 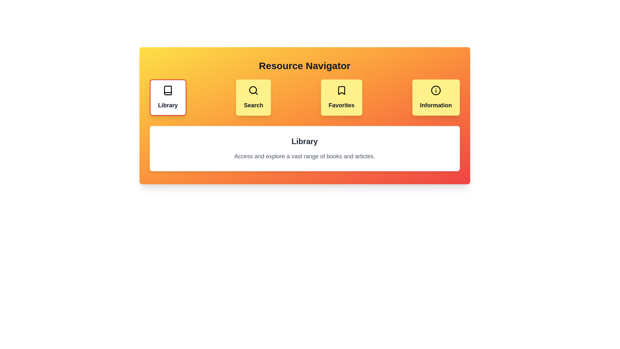 I want to click on the tab labeled Information to switch to that tab, so click(x=436, y=97).